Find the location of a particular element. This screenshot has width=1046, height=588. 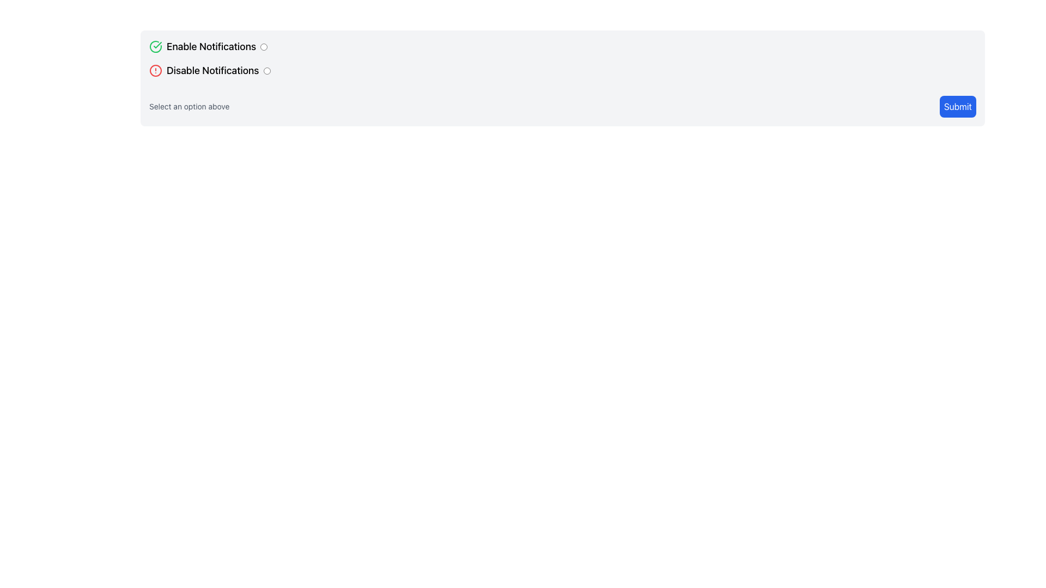

the status confirmation icon indicating that the 'Enable Notifications' option is selected, located to the left of the text label is located at coordinates (155, 46).